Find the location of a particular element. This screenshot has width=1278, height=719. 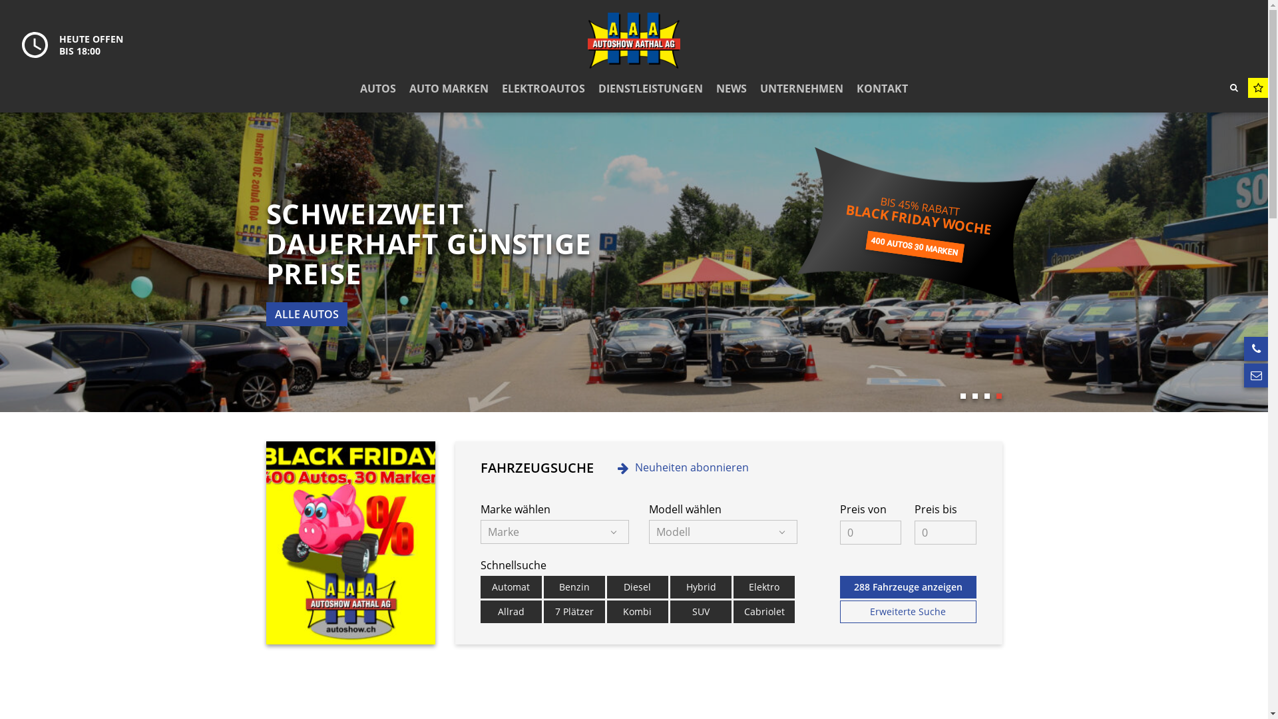

'Autoshow Aathal' is located at coordinates (587, 40).